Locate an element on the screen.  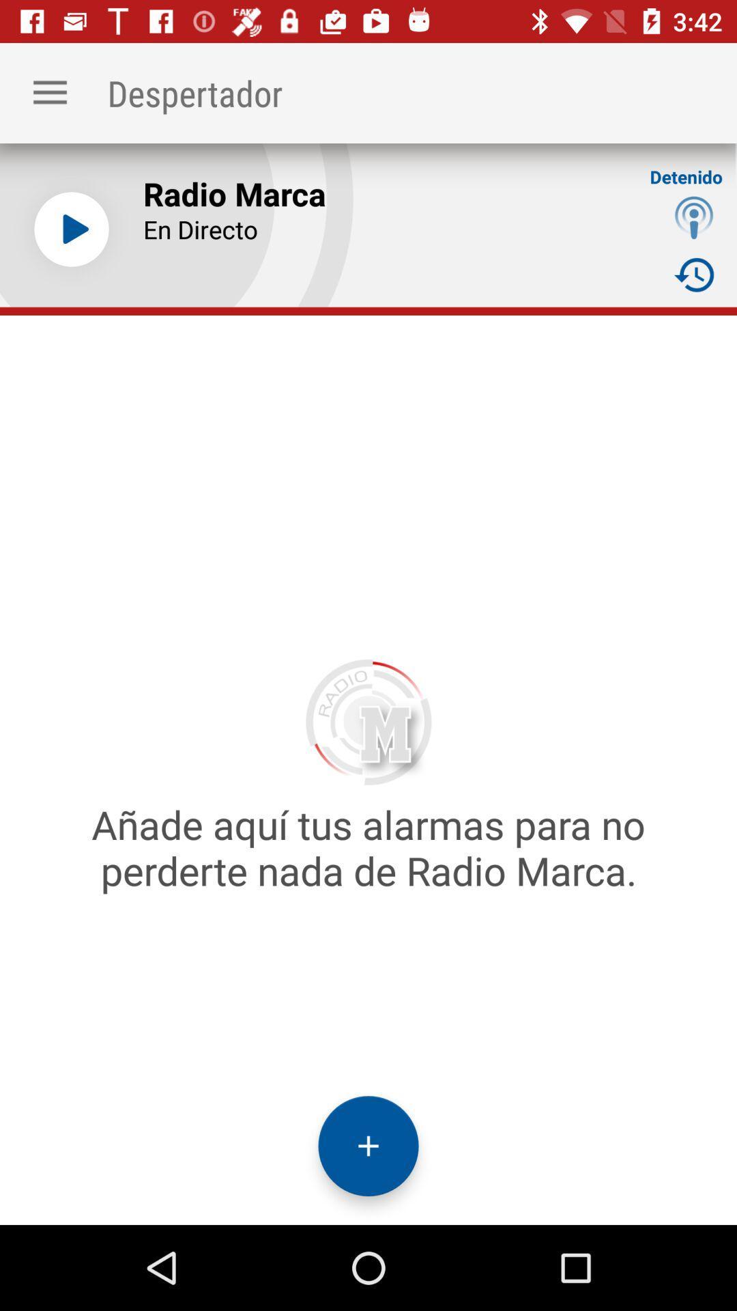
the history icon is located at coordinates (694, 274).